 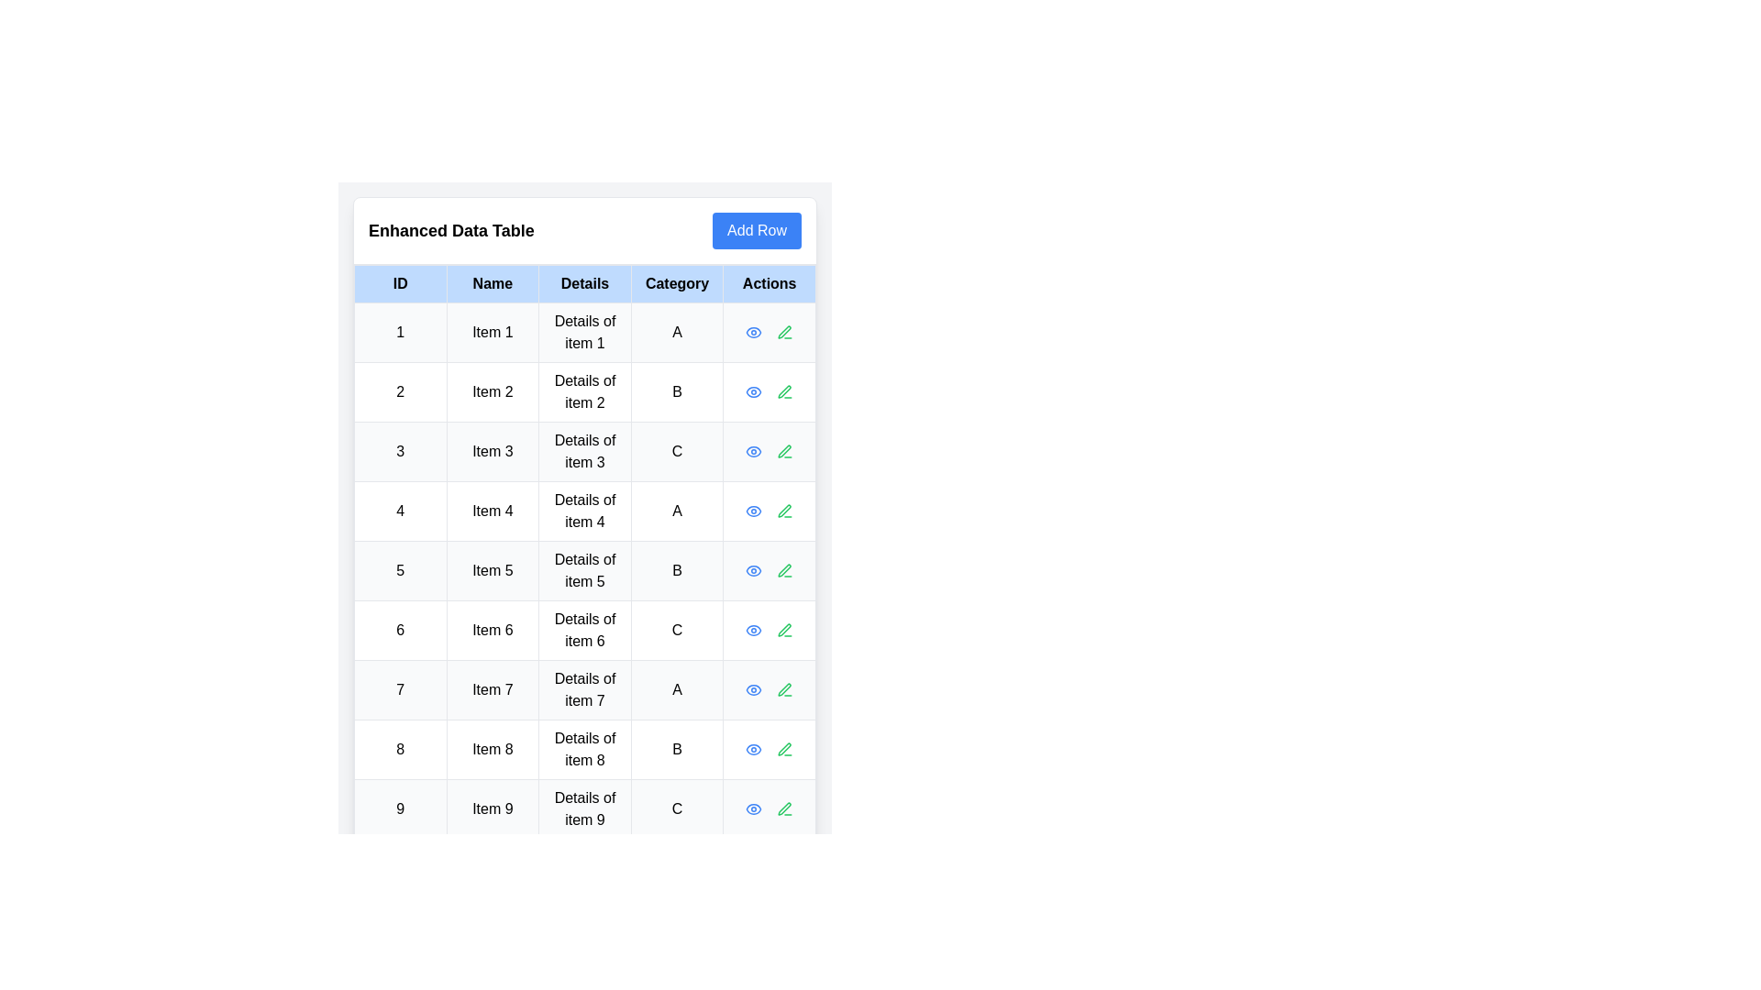 What do you see at coordinates (770, 689) in the screenshot?
I see `the green pen icon in the interactive cell of the 'Actions' column for 'Item 7'` at bounding box center [770, 689].